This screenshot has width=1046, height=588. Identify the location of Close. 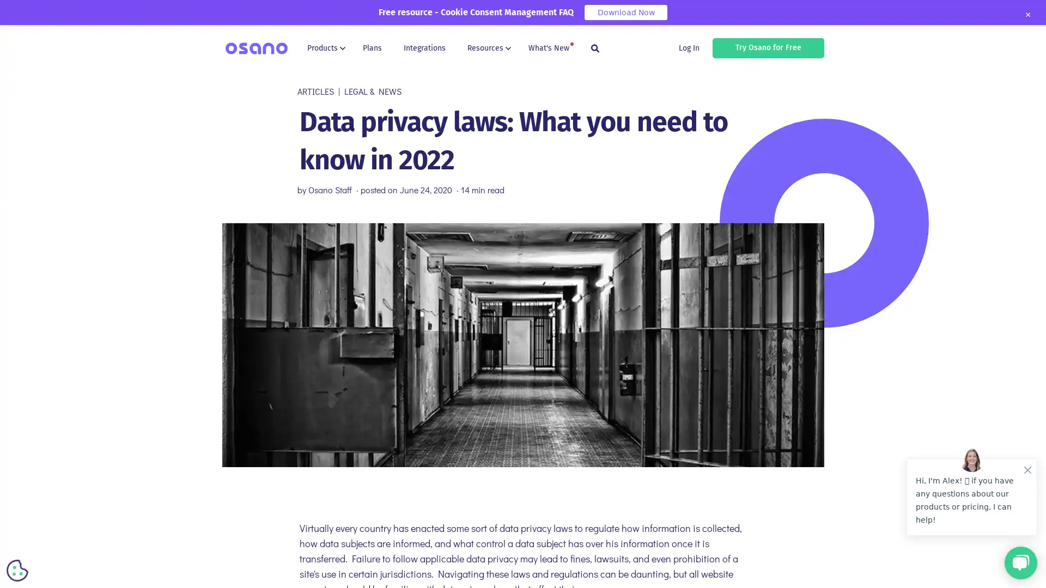
(1027, 15).